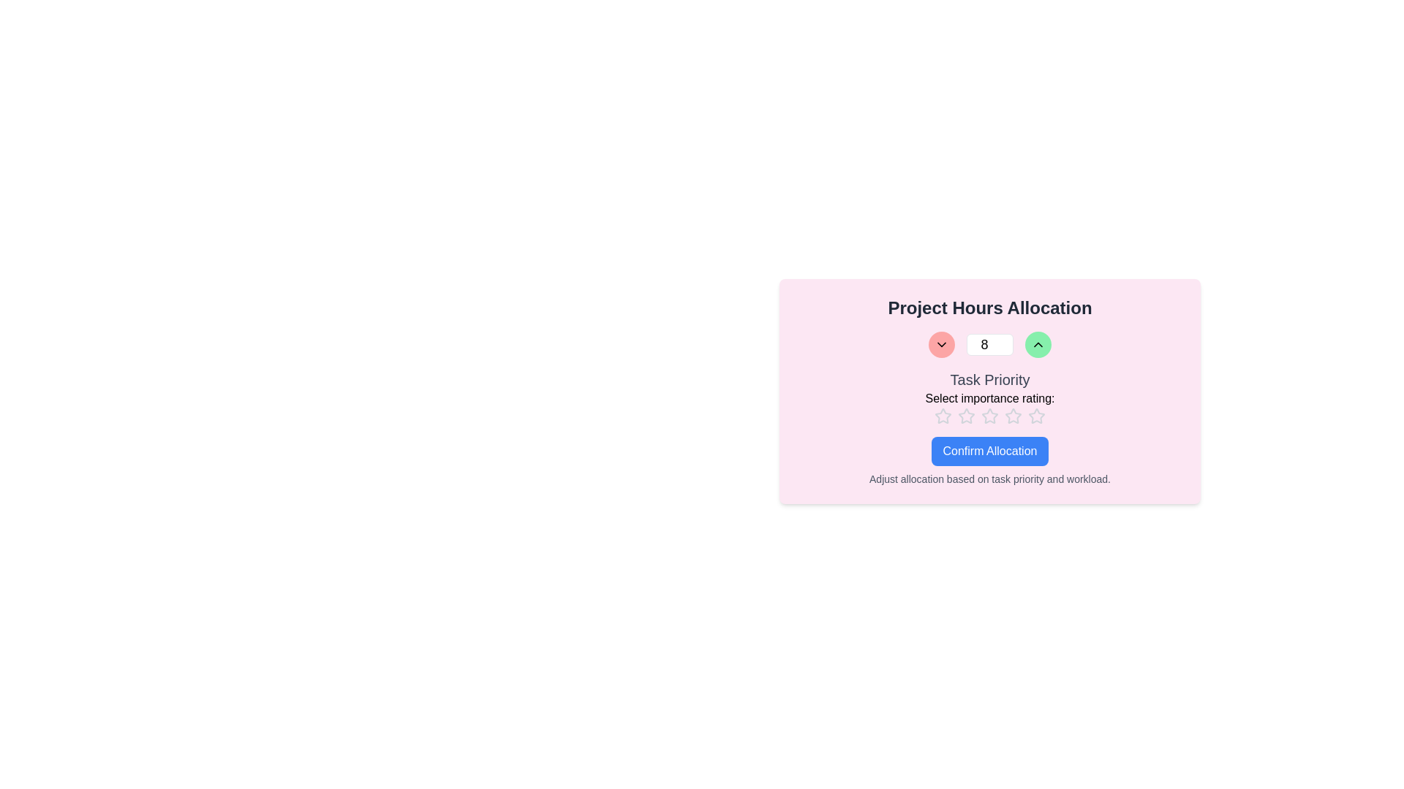 The height and width of the screenshot is (789, 1404). I want to click on the second star icon from the left in the 'Select importance rating' interface, so click(943, 416).